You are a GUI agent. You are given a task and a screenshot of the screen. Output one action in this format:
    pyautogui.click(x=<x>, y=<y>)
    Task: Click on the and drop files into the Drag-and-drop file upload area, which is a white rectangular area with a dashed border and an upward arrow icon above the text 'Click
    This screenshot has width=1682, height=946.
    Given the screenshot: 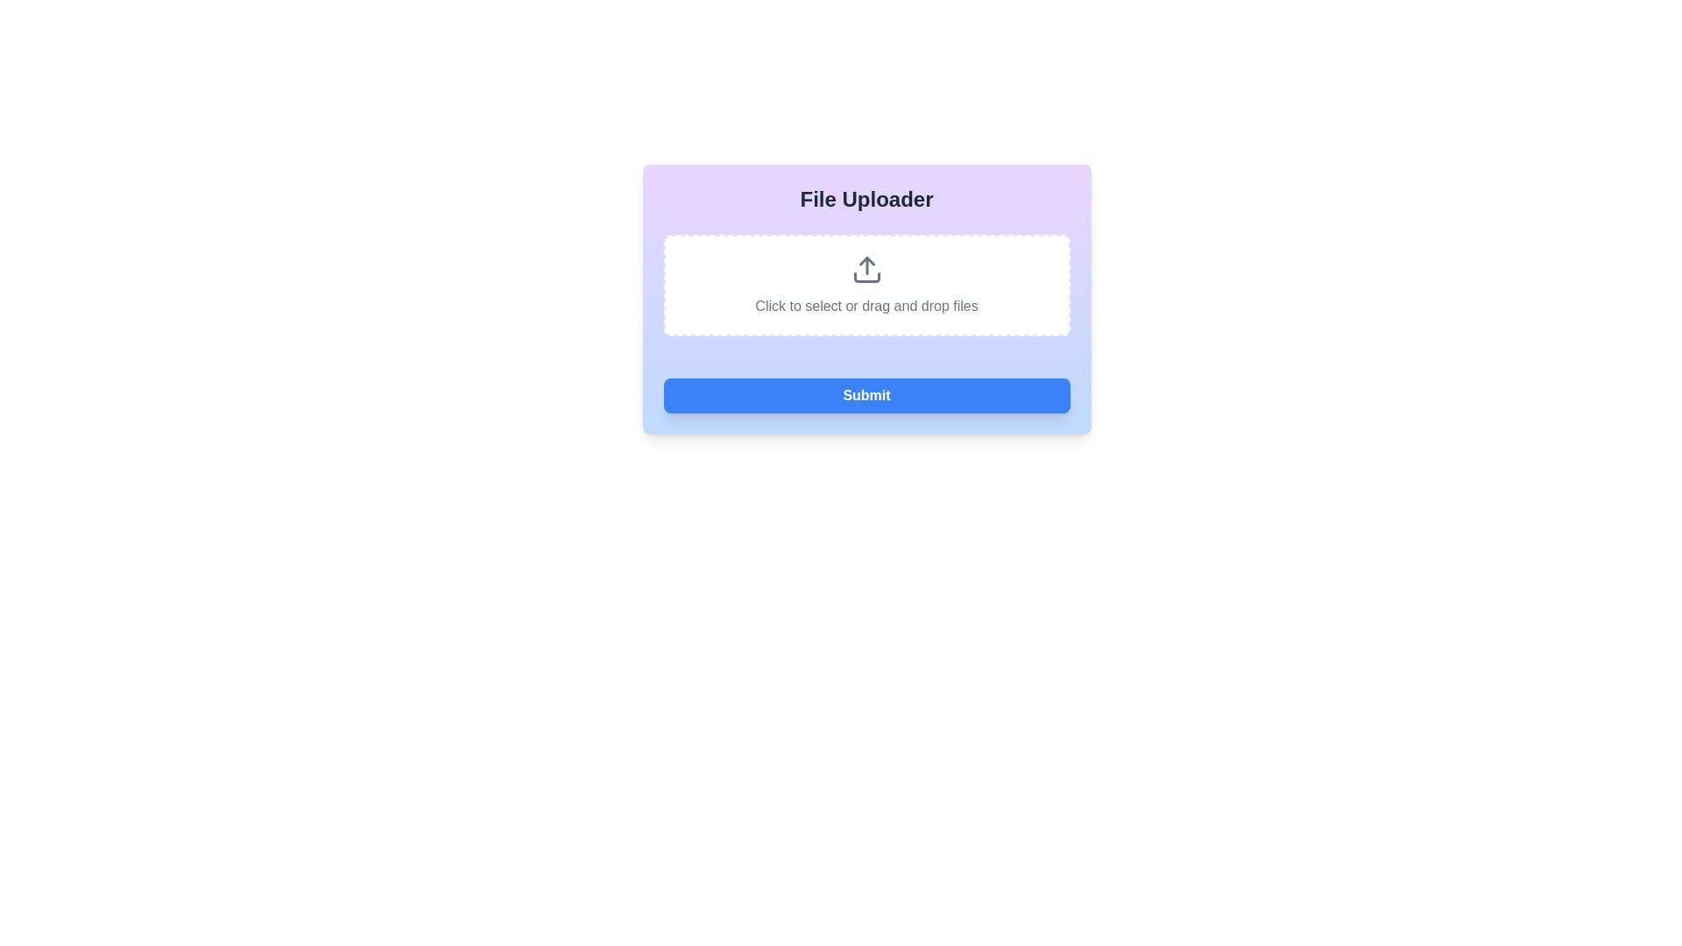 What is the action you would take?
    pyautogui.click(x=866, y=285)
    